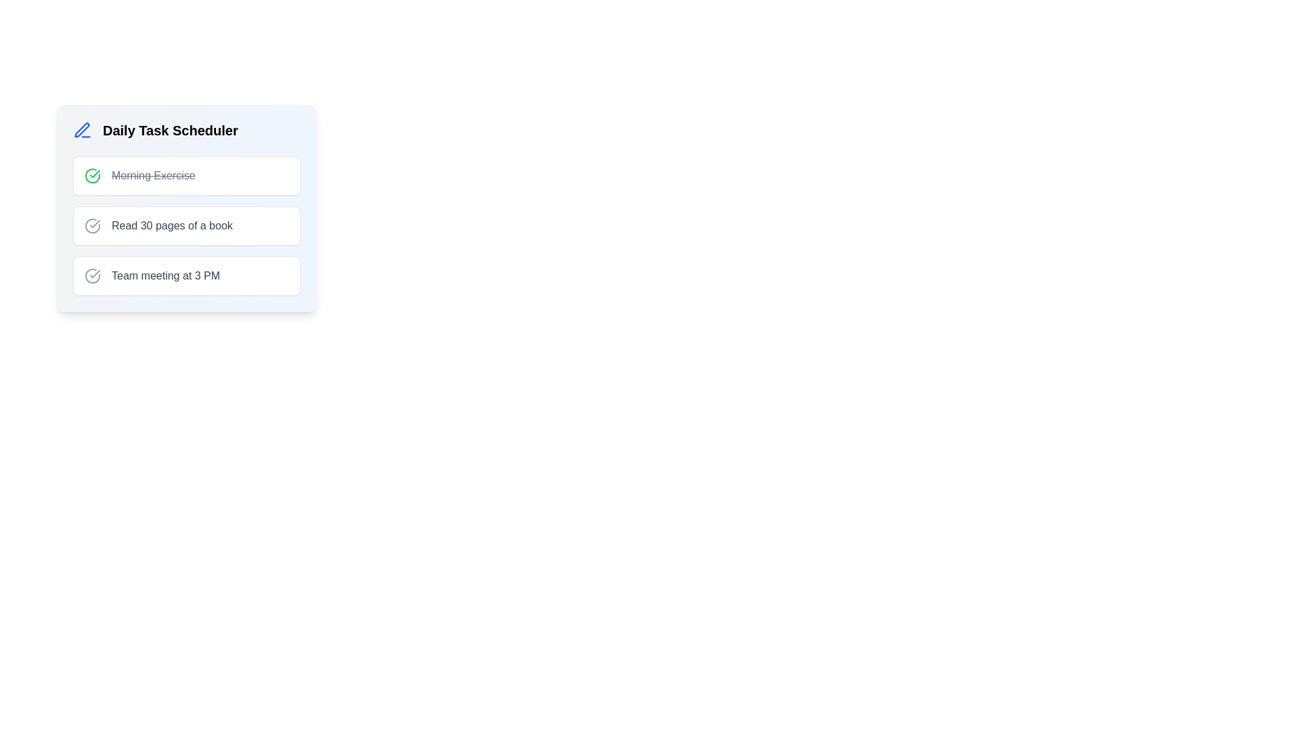 The image size is (1300, 731). I want to click on to select the task item reading 'Read 30 pages of a book' in the Daily Task Scheduler section, which is the second item in the vertical list of tasks, so click(186, 225).